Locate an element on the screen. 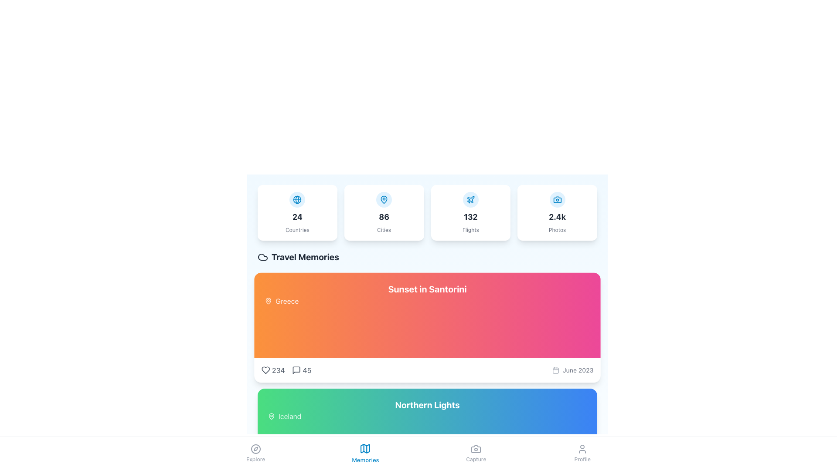  the geographic location icon representing 'Iceland', which is positioned to the left of the text 'Iceland' in the green section labeled 'Northern Lights' is located at coordinates (271, 416).